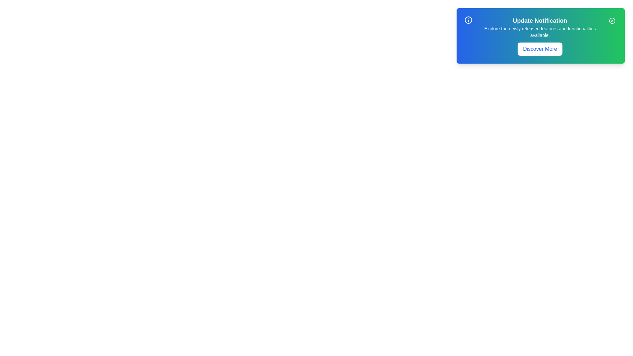  I want to click on close button to dismiss the notification, so click(612, 20).